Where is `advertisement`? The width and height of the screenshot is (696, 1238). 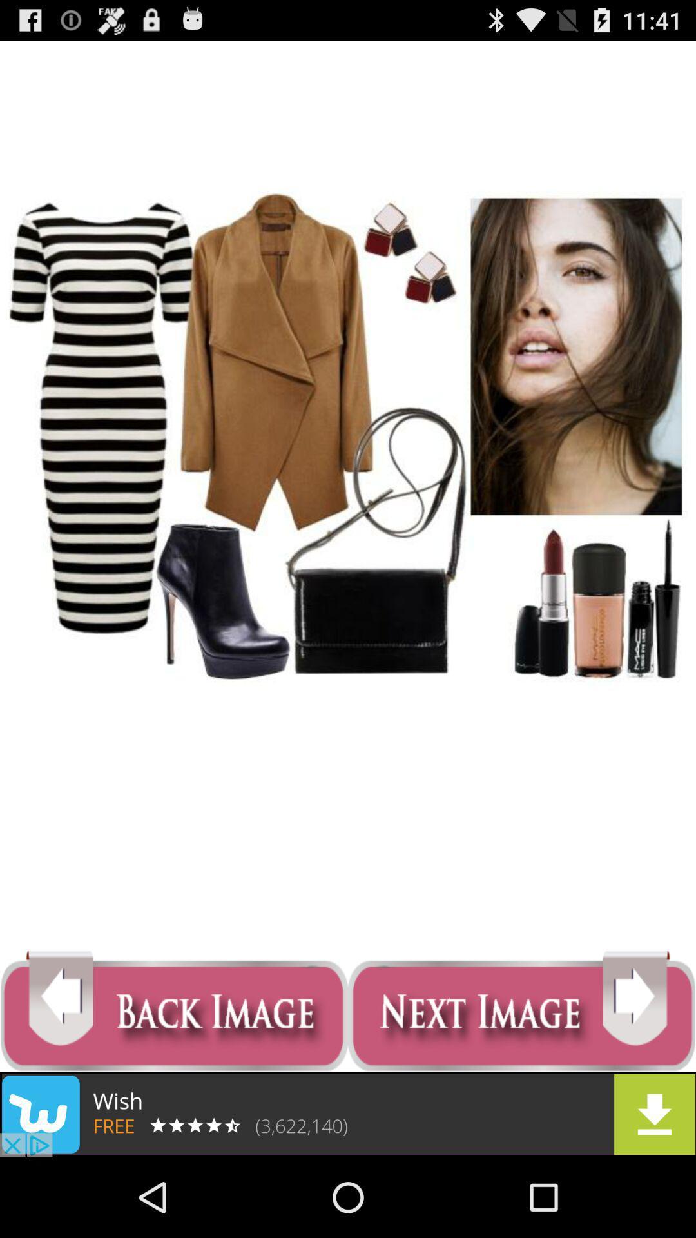 advertisement is located at coordinates (348, 1114).